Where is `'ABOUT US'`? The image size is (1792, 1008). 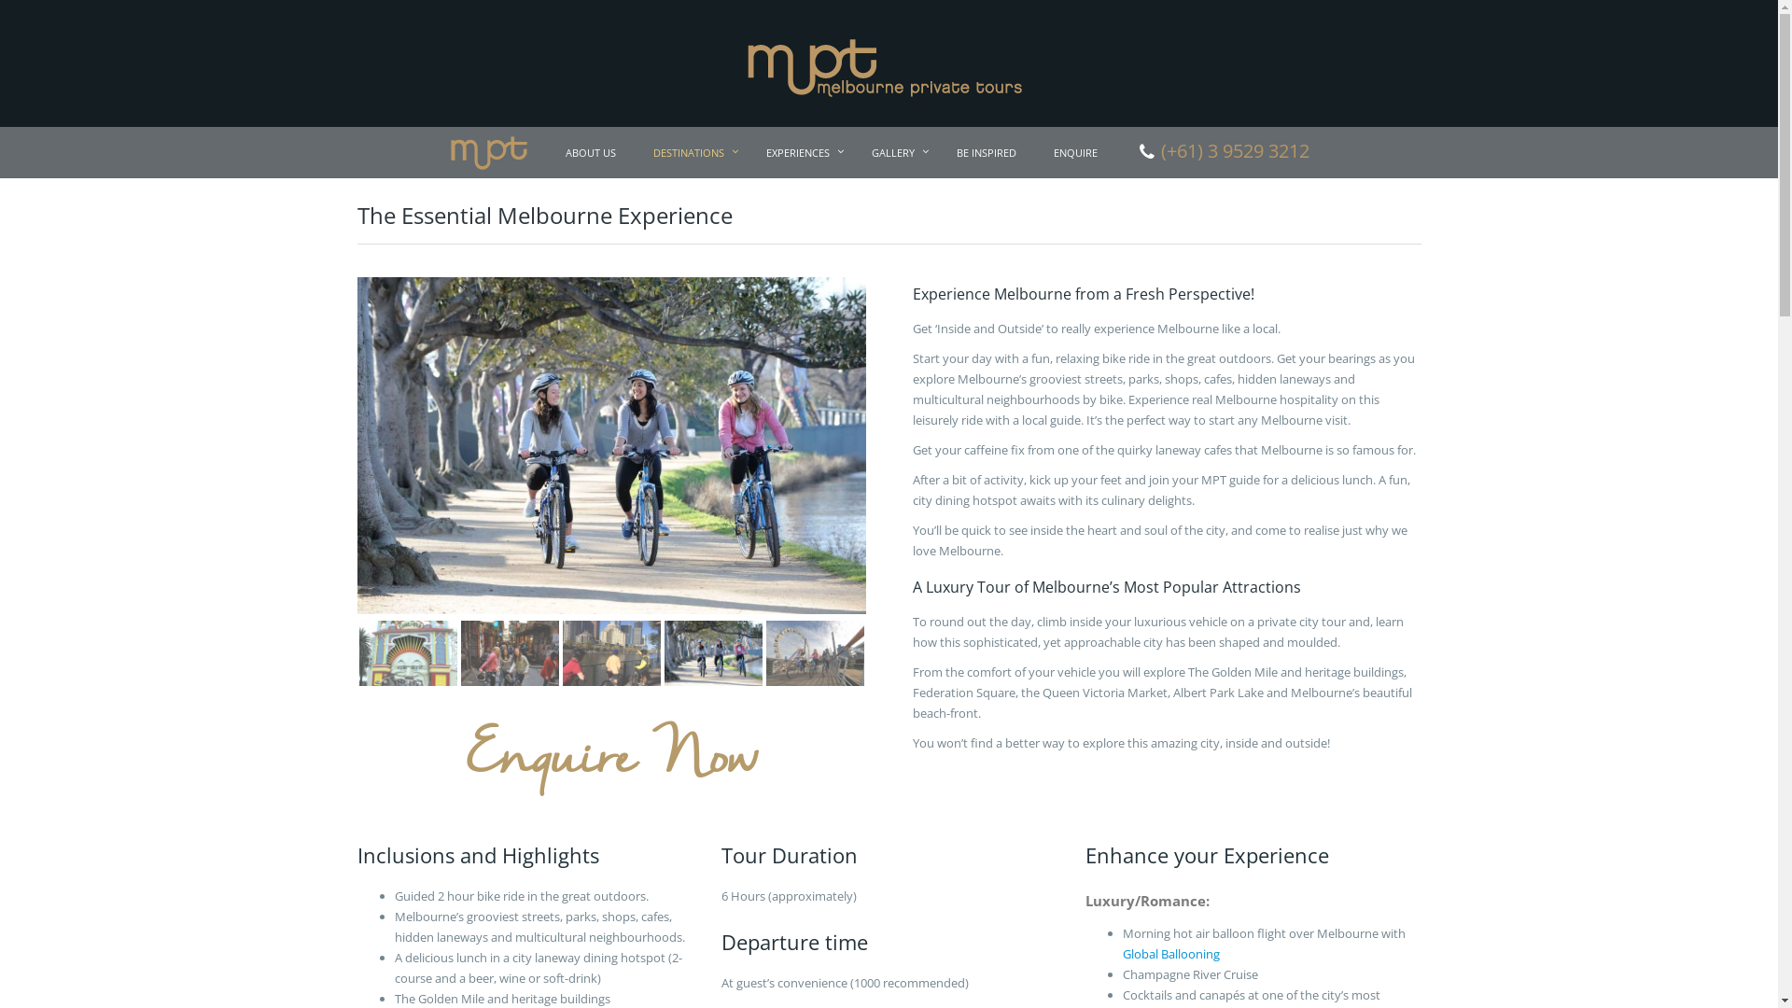
'ABOUT US' is located at coordinates (590, 151).